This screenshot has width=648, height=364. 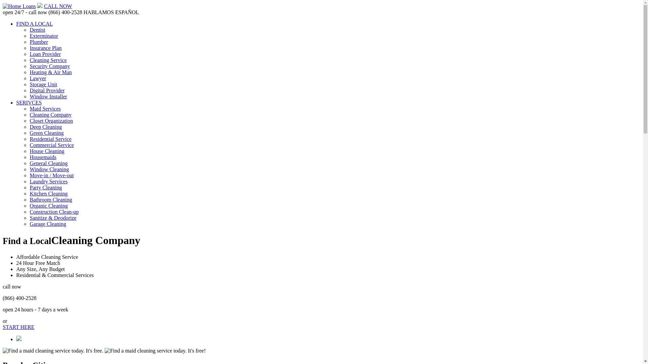 What do you see at coordinates (43, 84) in the screenshot?
I see `'Storage Unit'` at bounding box center [43, 84].